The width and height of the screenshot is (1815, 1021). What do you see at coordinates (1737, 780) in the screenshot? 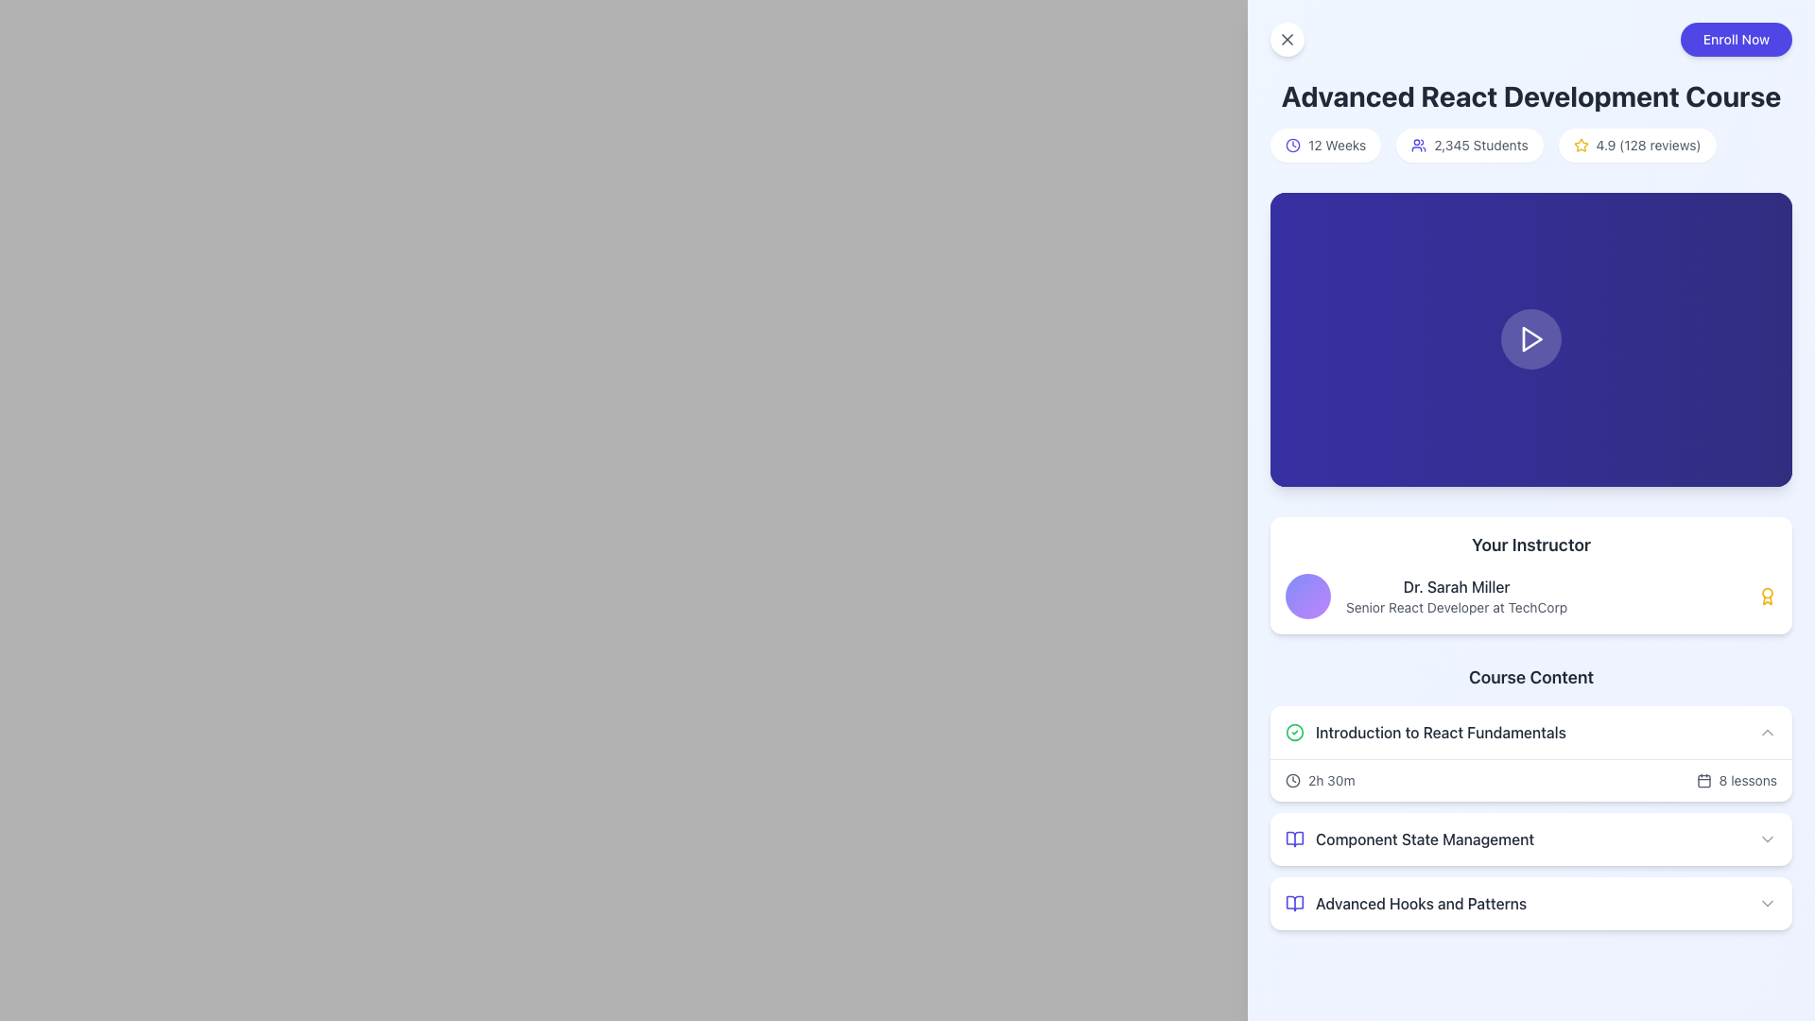
I see `the text label indicating the number of lessons in the 'Introduction to React Fundamentals' module, located beneath the 'Course Content' heading, to the right of the '2h 30m' text` at bounding box center [1737, 780].